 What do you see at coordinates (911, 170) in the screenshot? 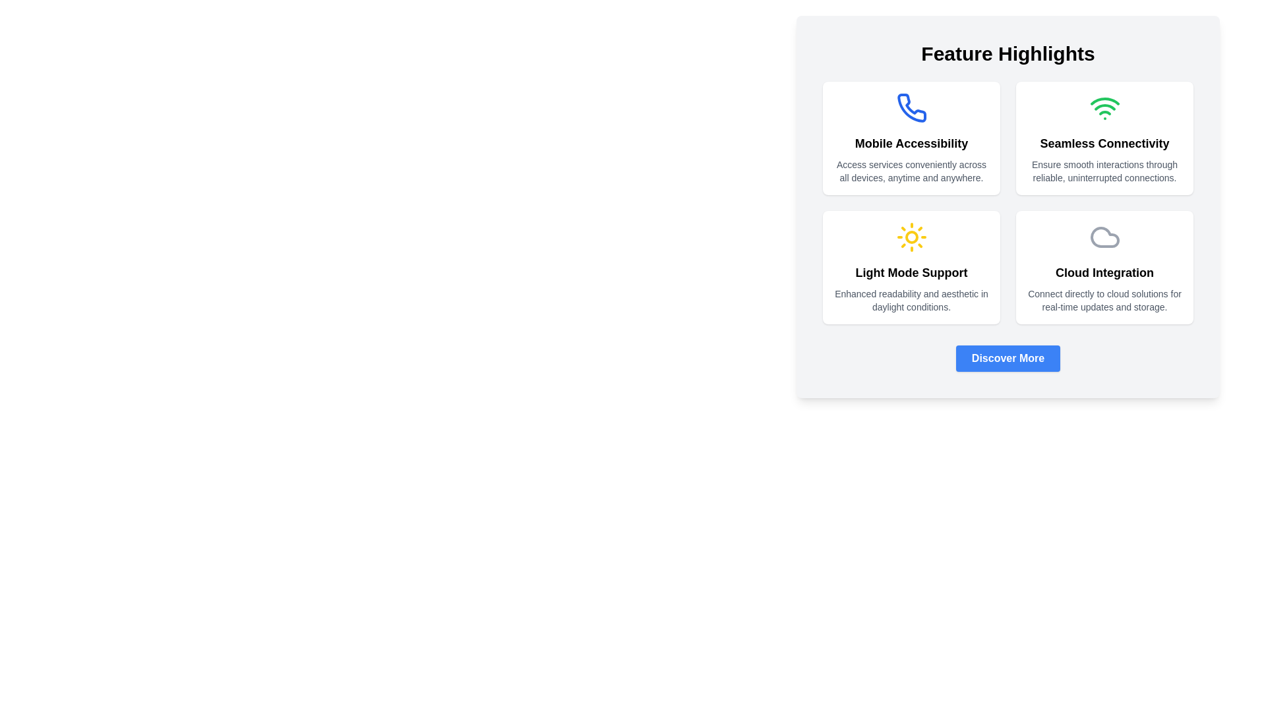
I see `the descriptive text element located beneath the title 'Mobile Accessibility' in the top-left section of the feature card layout` at bounding box center [911, 170].